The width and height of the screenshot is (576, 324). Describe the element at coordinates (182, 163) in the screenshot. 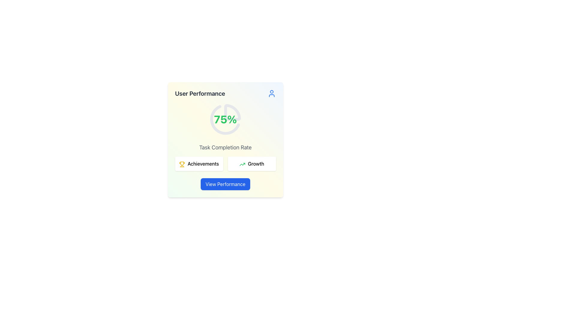

I see `the trophy-like icon styled in yellow-golden color, located next to the 'Achievements' text` at that location.